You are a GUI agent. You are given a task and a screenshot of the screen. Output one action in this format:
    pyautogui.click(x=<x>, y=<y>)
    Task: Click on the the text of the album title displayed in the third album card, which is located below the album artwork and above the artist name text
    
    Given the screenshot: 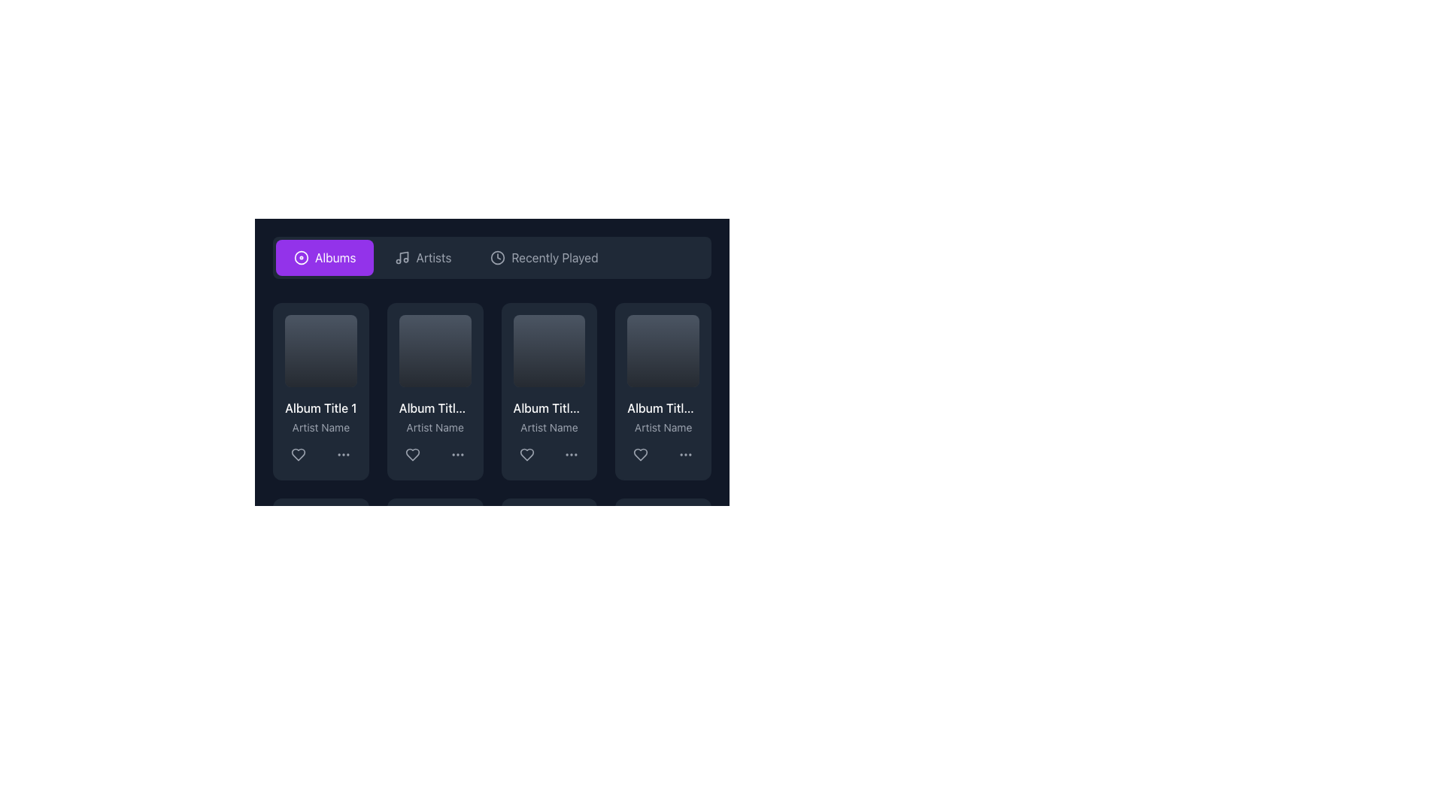 What is the action you would take?
    pyautogui.click(x=548, y=408)
    